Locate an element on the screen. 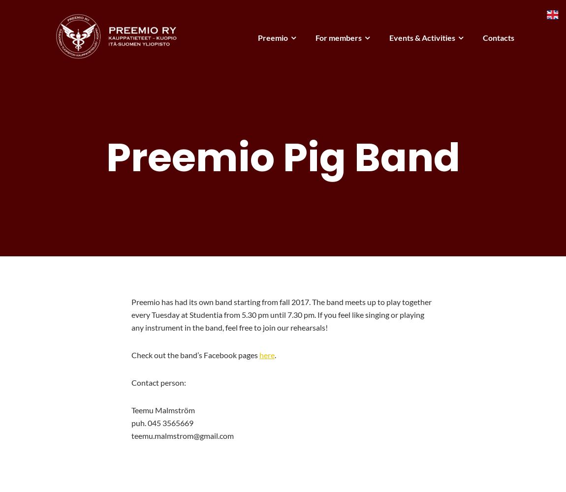 Image resolution: width=566 pixels, height=492 pixels. 'Membership' is located at coordinates (316, 65).